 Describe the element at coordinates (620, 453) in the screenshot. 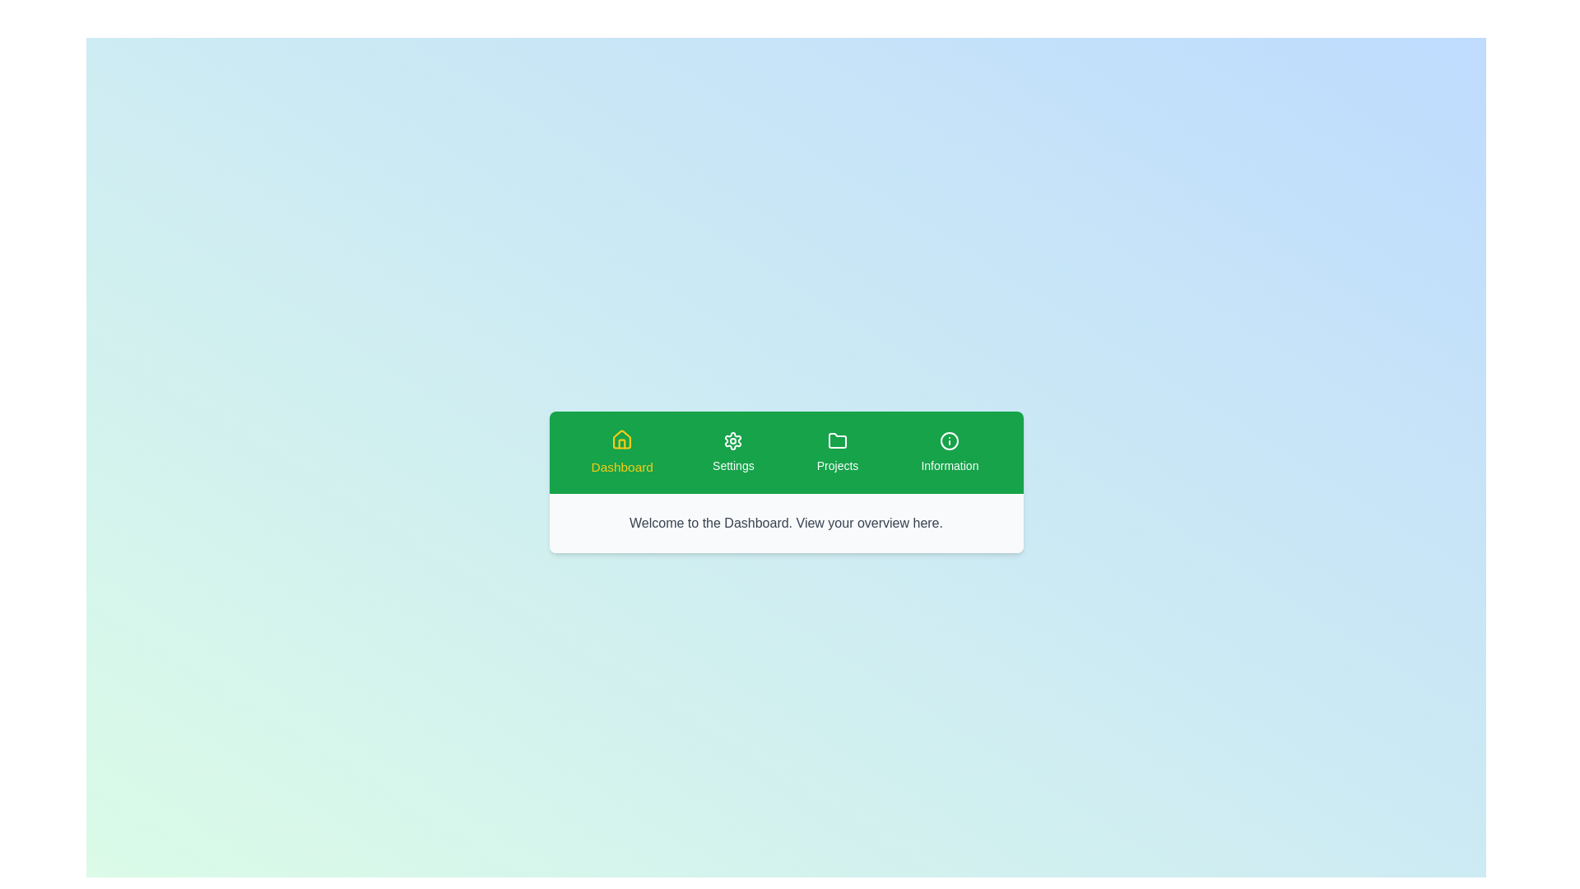

I see `the Dashboard tab to observe its hover effect` at that location.